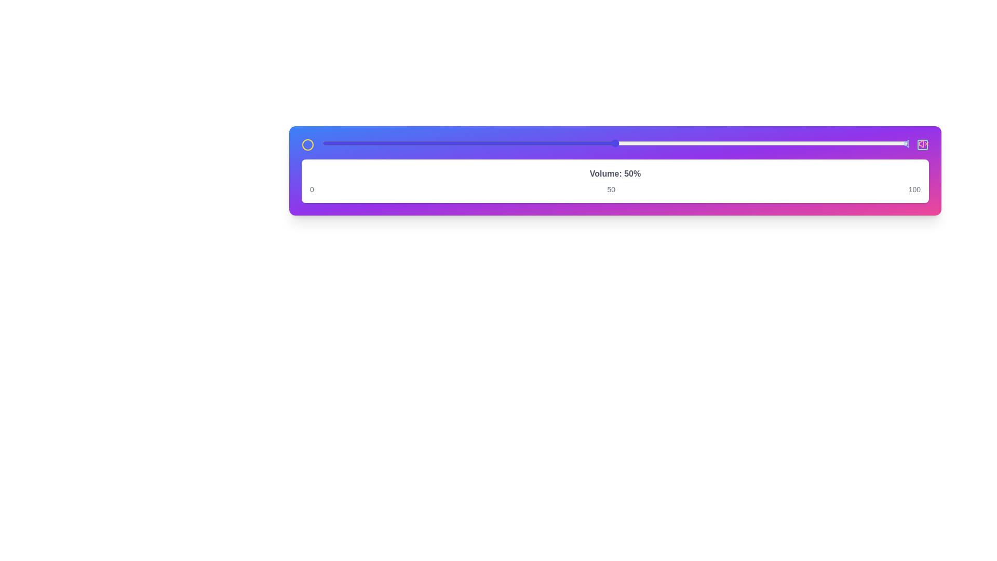  Describe the element at coordinates (922, 144) in the screenshot. I see `the square icon in the EnhancedSliderComponent` at that location.